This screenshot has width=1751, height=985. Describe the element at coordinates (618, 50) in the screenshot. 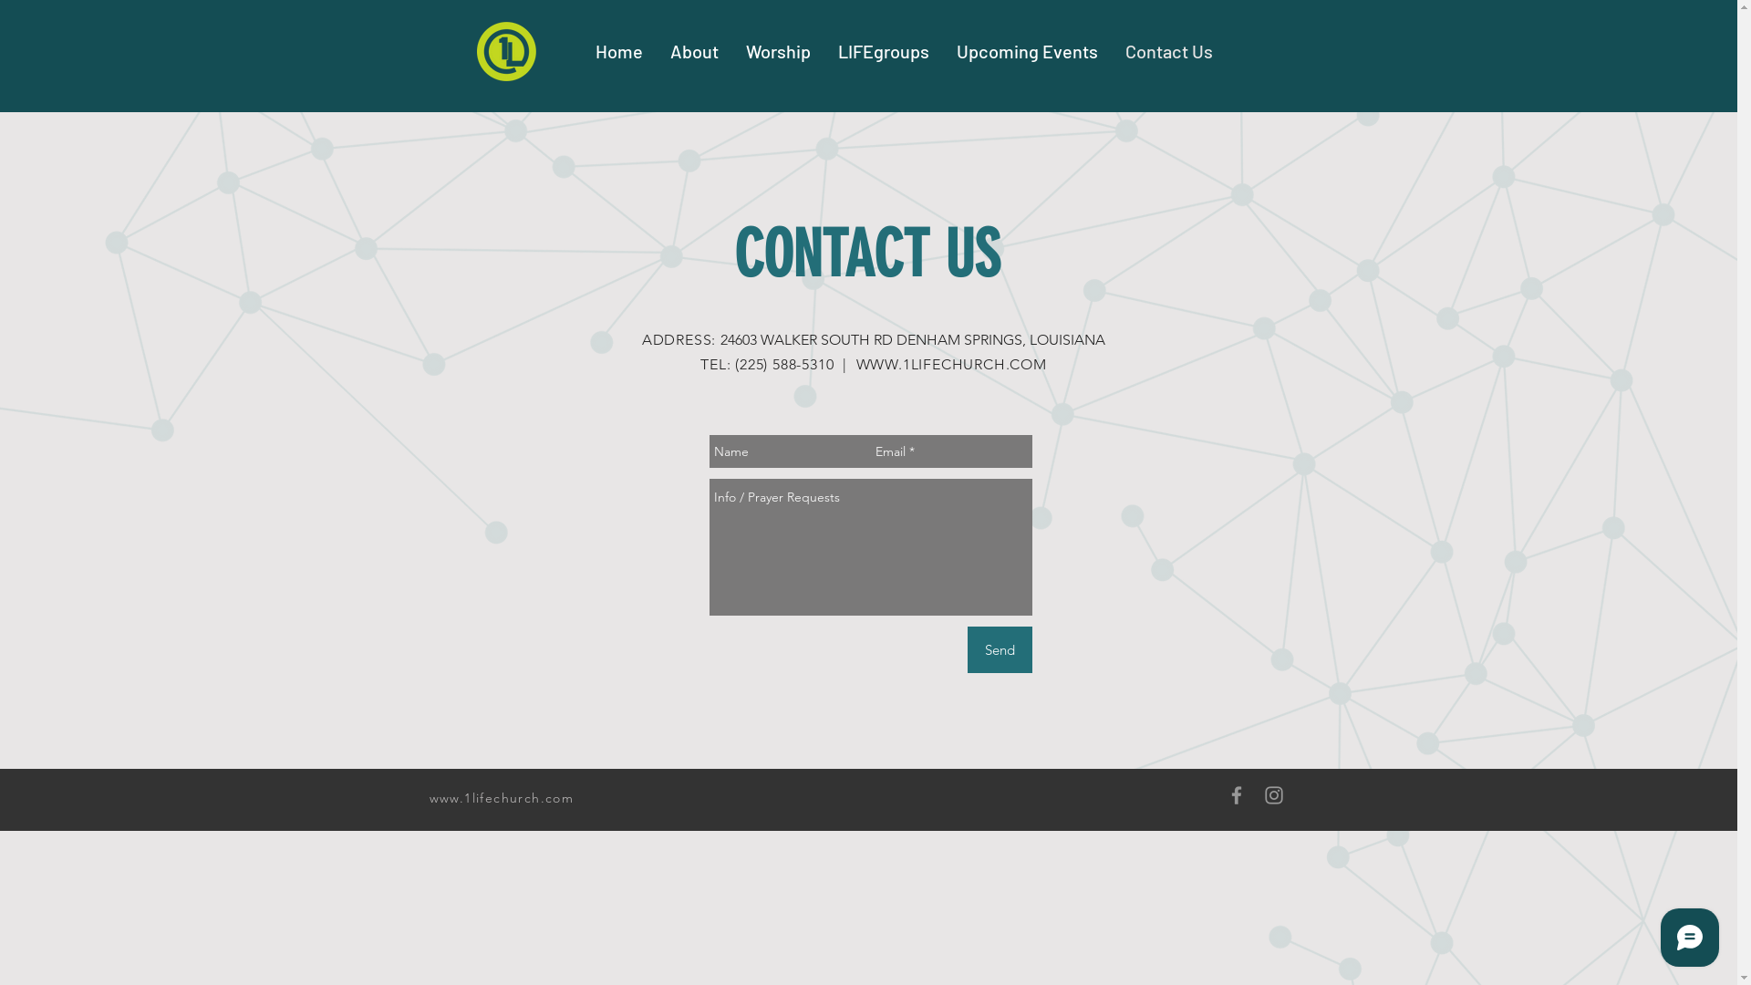

I see `'Home'` at that location.